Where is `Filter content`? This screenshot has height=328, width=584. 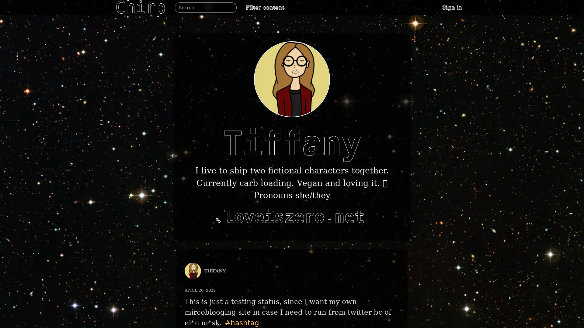
Filter content is located at coordinates (267, 7).